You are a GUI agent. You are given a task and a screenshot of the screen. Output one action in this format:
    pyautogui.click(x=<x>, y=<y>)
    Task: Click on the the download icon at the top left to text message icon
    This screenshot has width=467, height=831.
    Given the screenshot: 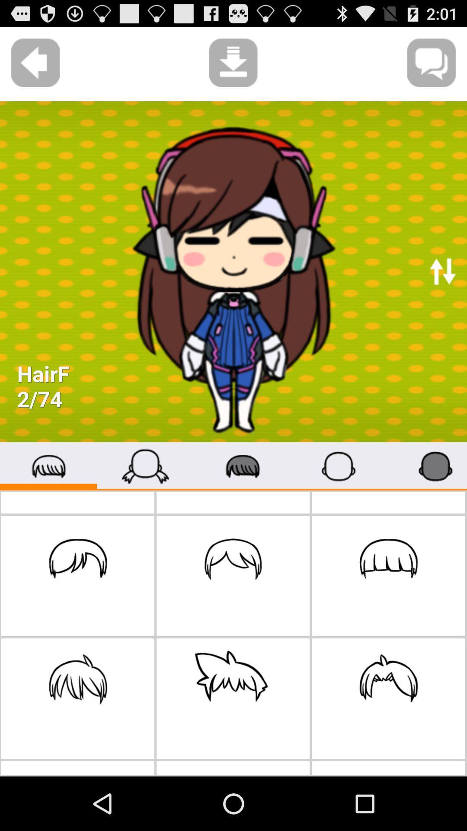 What is the action you would take?
    pyautogui.click(x=233, y=62)
    